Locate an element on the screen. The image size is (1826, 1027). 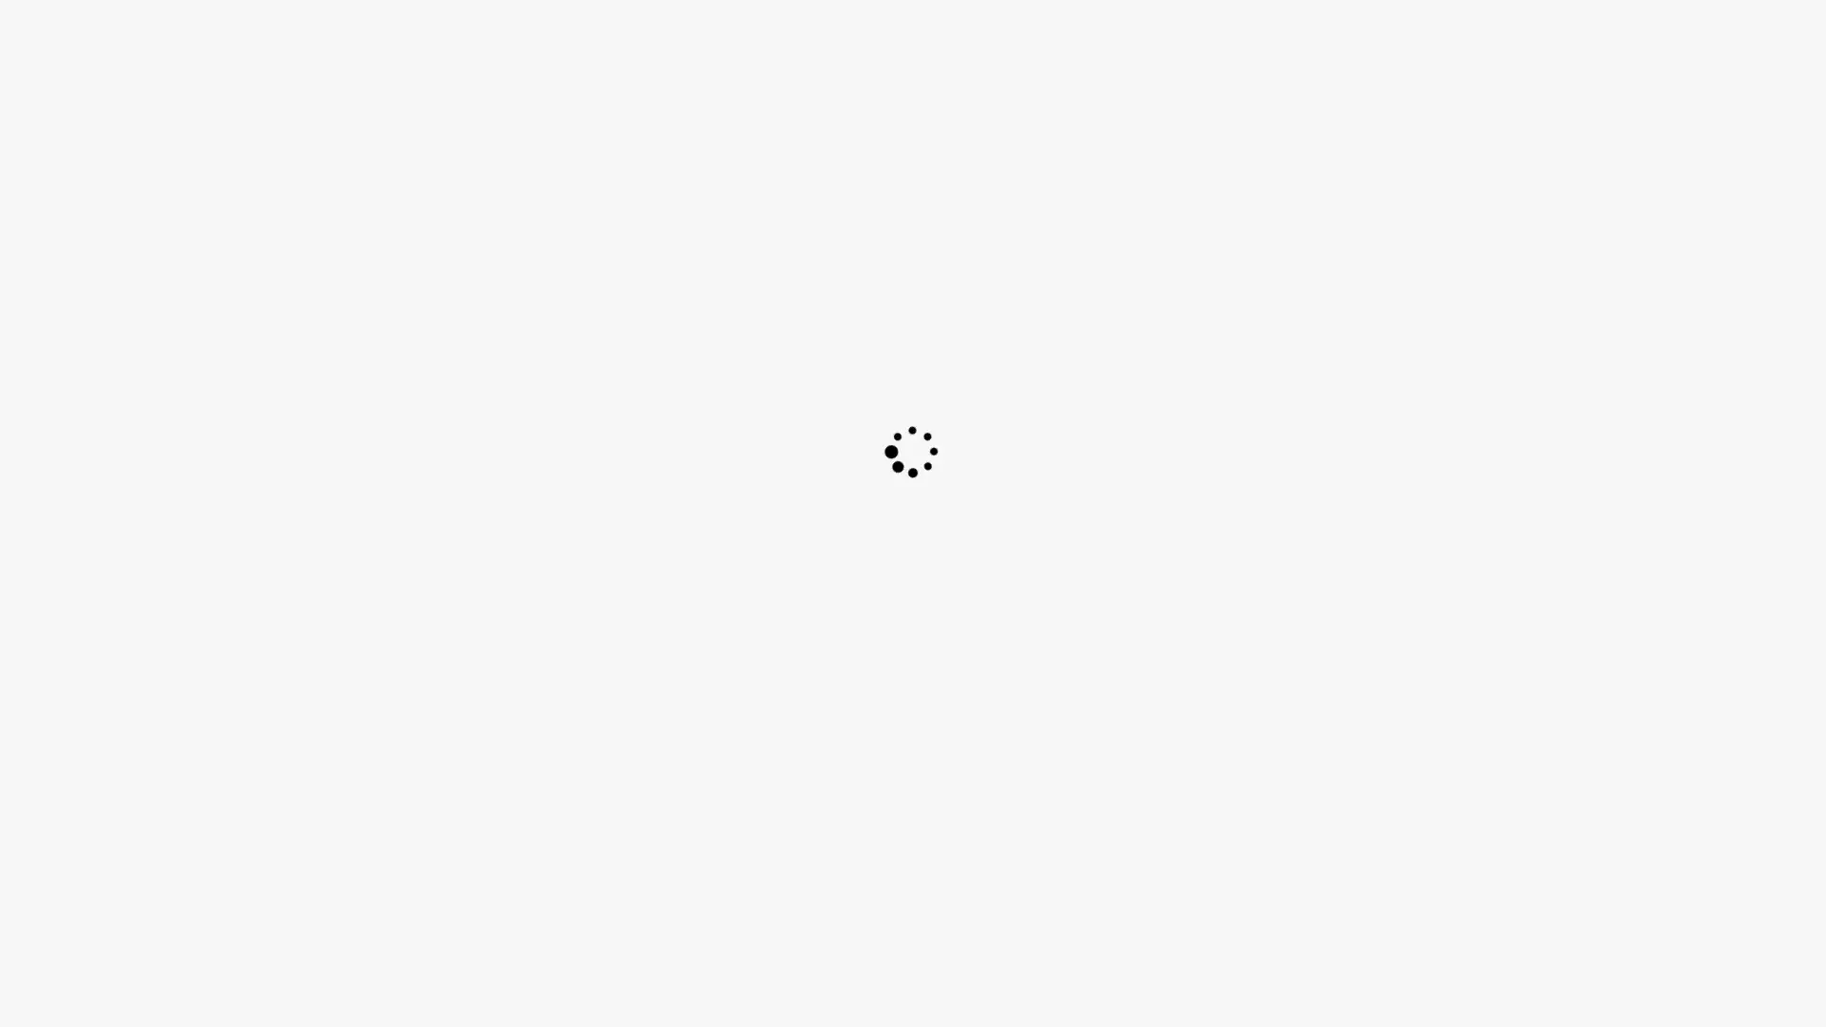
Login with Facebook is located at coordinates (1094, 33).